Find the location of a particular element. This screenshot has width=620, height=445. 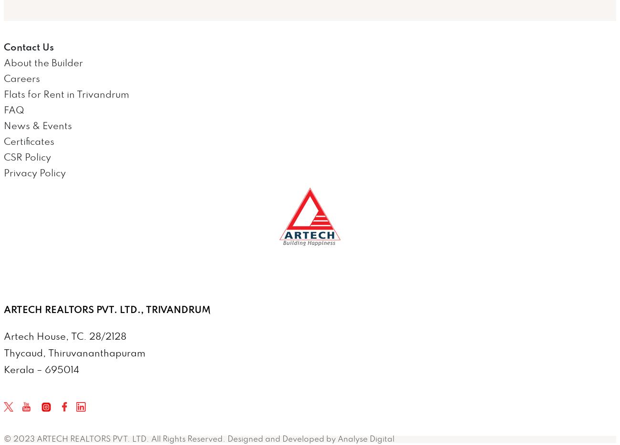

'CSR Policy' is located at coordinates (27, 158).